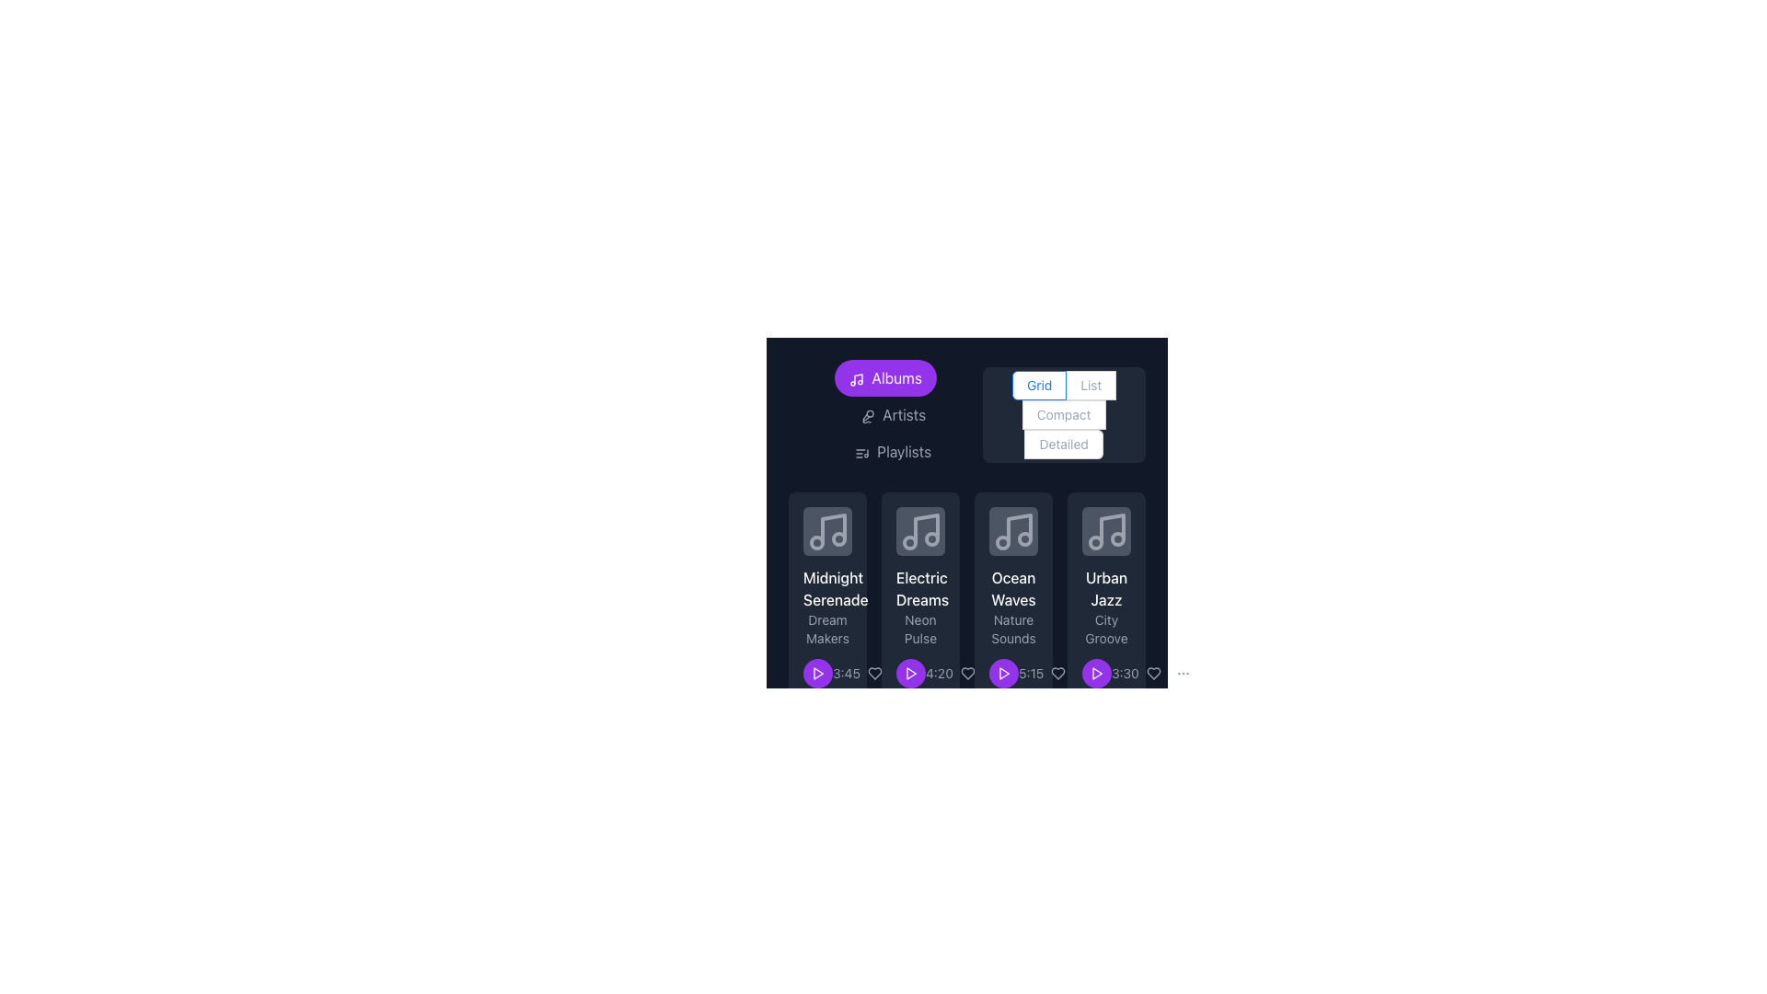 The width and height of the screenshot is (1767, 994). What do you see at coordinates (1064, 444) in the screenshot?
I see `the label for the third radio button option in the vertical list to possibly view additional information` at bounding box center [1064, 444].